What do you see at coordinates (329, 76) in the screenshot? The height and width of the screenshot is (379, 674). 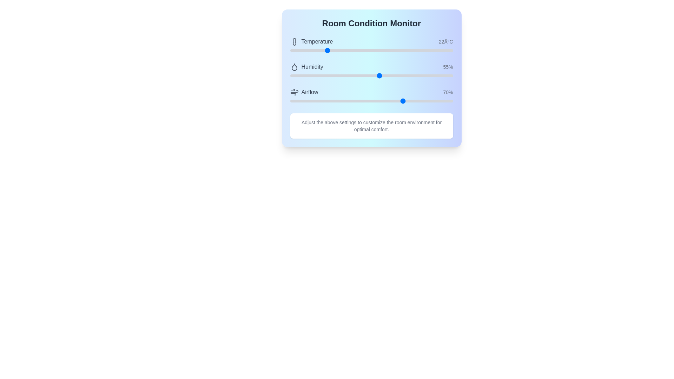 I see `the humidity level` at bounding box center [329, 76].